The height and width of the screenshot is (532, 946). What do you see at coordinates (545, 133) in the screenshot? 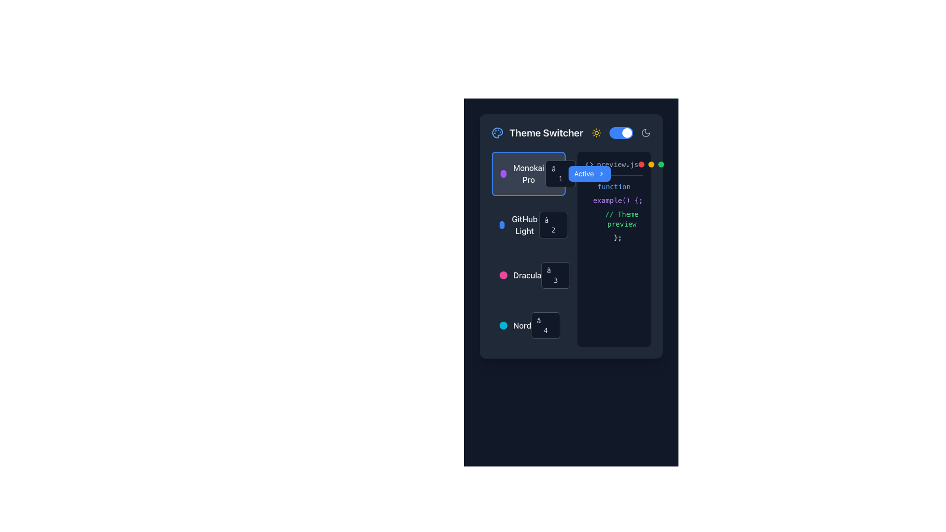
I see `text label that says 'Theme Switcher', which is prominently displayed in white against a dark background, to understand the section it describes` at bounding box center [545, 133].